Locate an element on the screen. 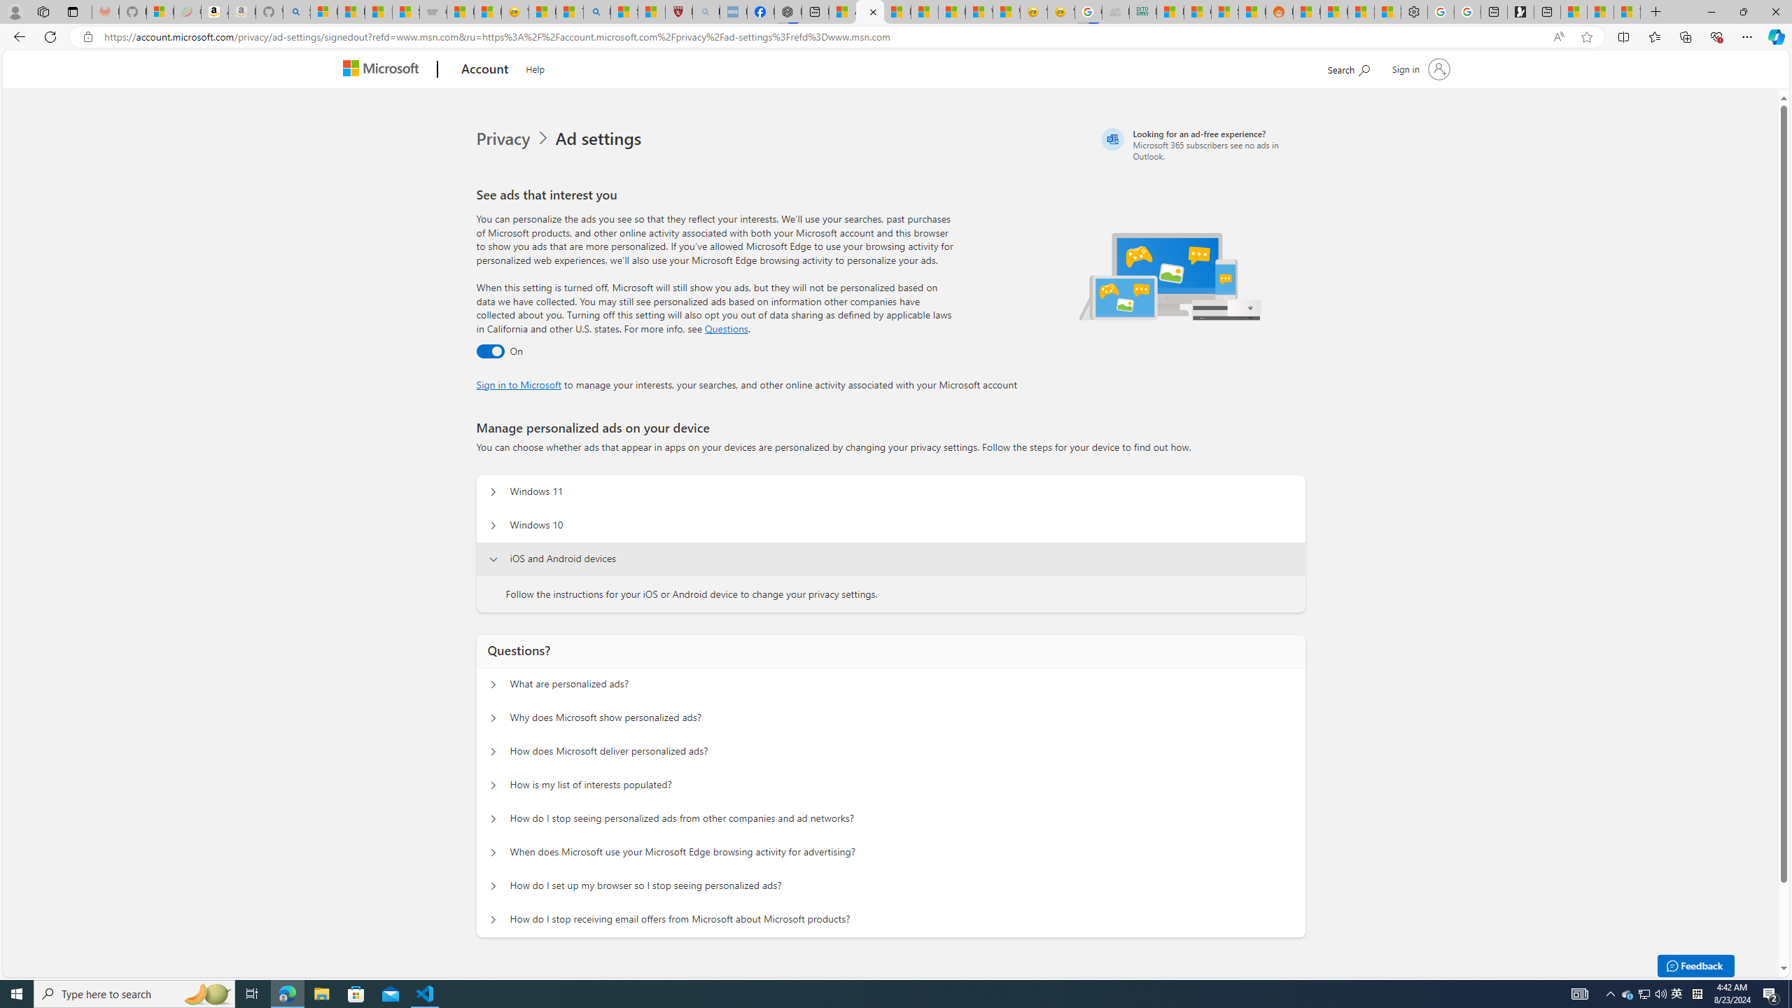  'Manage personalized ads on your device Windows 10' is located at coordinates (493, 525).